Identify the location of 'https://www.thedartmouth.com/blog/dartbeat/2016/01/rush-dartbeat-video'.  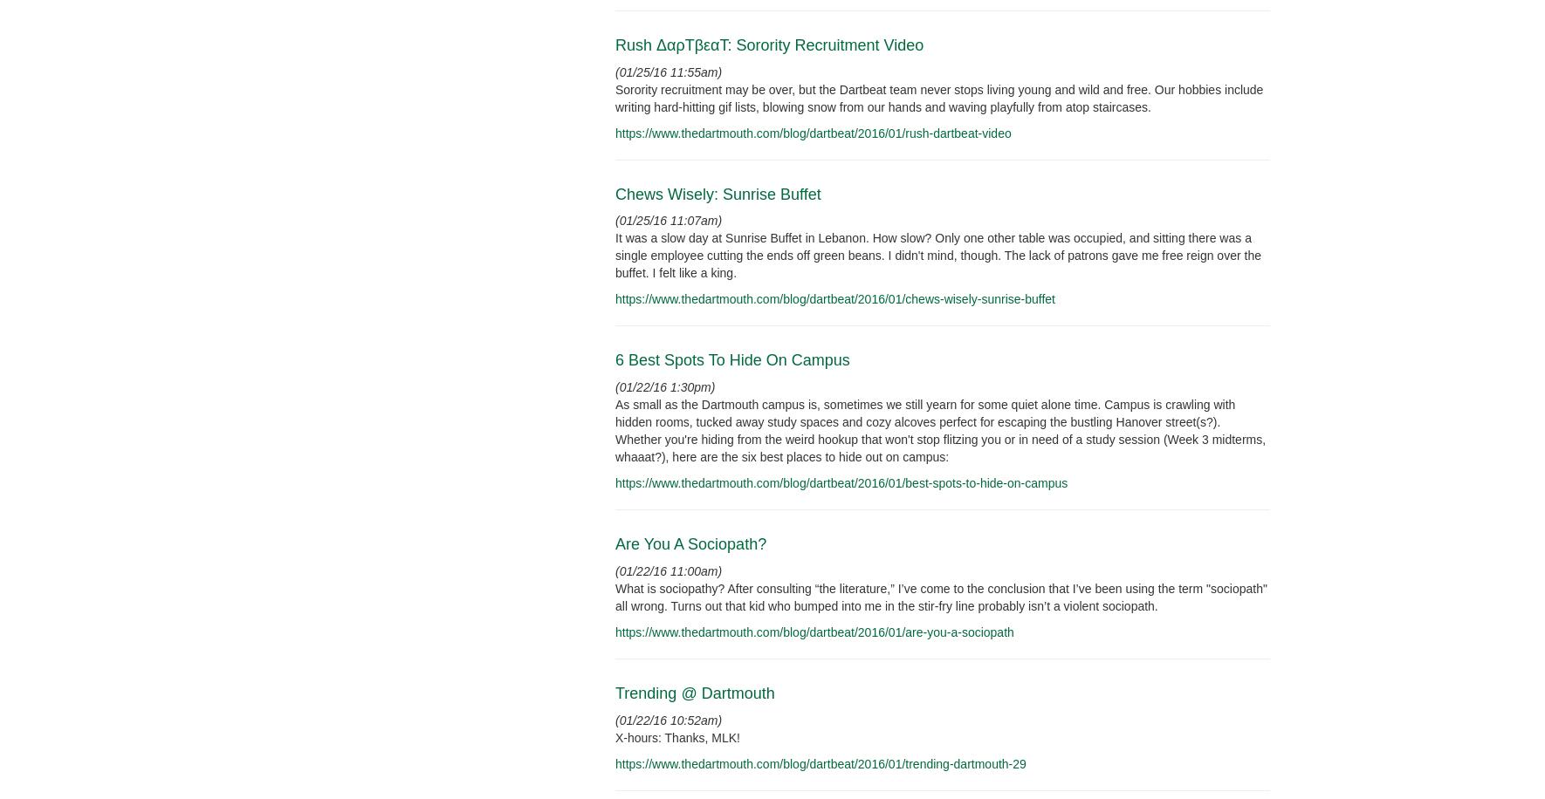
(812, 132).